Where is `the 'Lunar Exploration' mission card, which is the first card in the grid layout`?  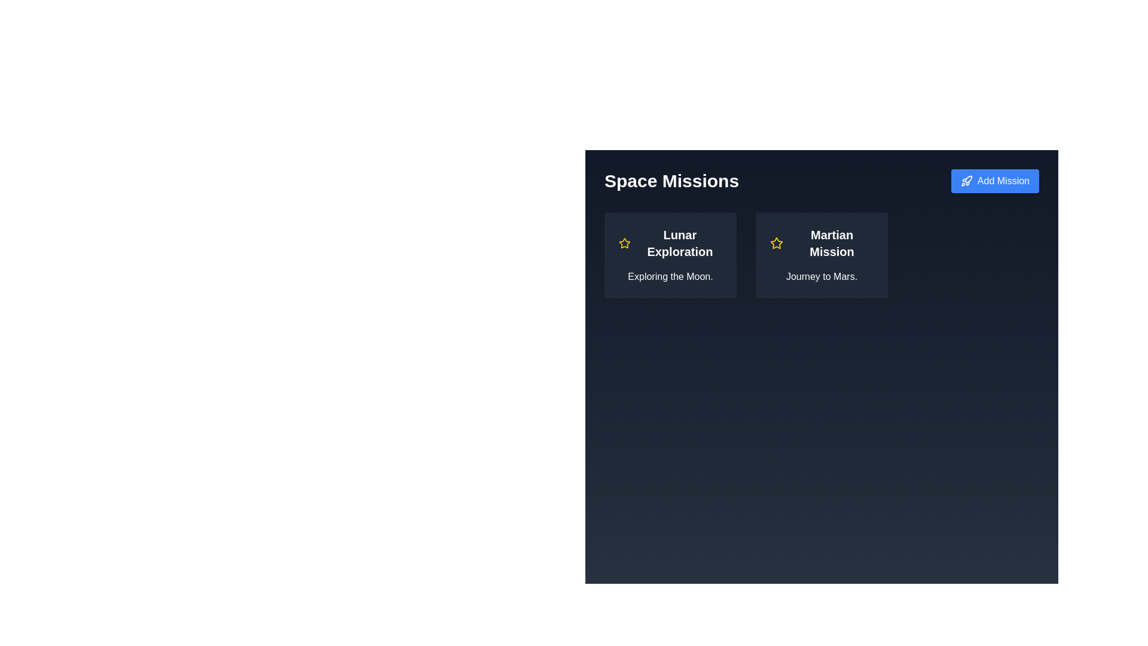
the 'Lunar Exploration' mission card, which is the first card in the grid layout is located at coordinates (670, 255).